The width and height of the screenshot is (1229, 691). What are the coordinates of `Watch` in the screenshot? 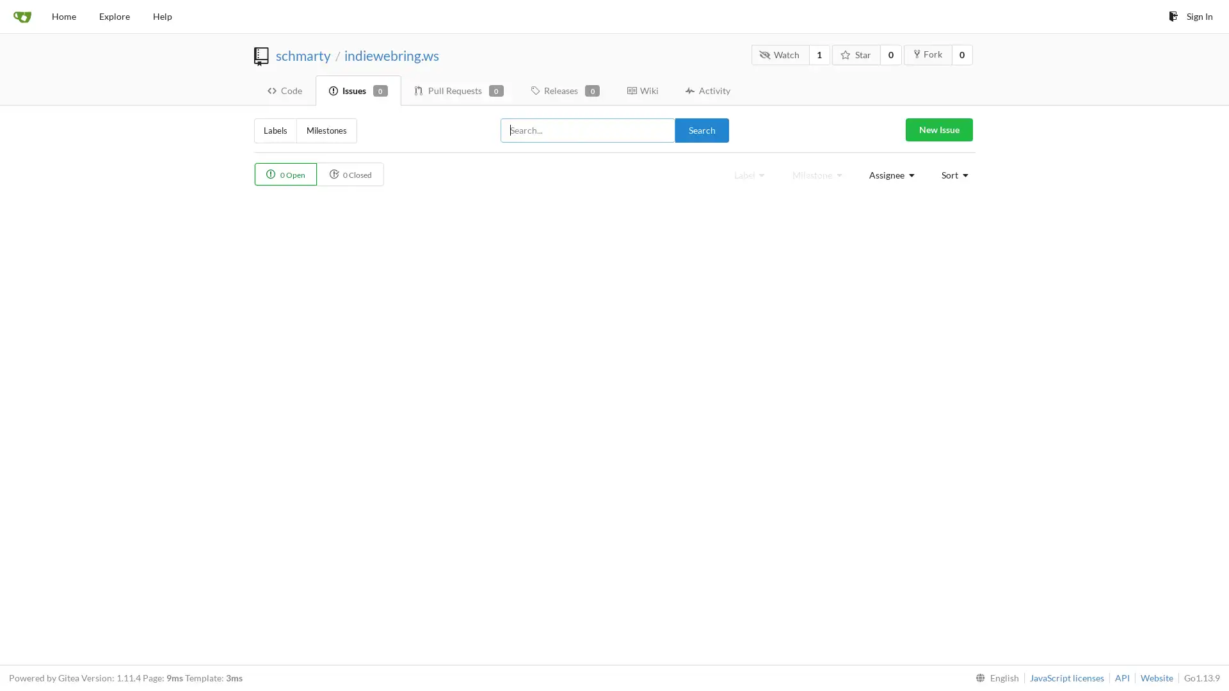 It's located at (779, 54).